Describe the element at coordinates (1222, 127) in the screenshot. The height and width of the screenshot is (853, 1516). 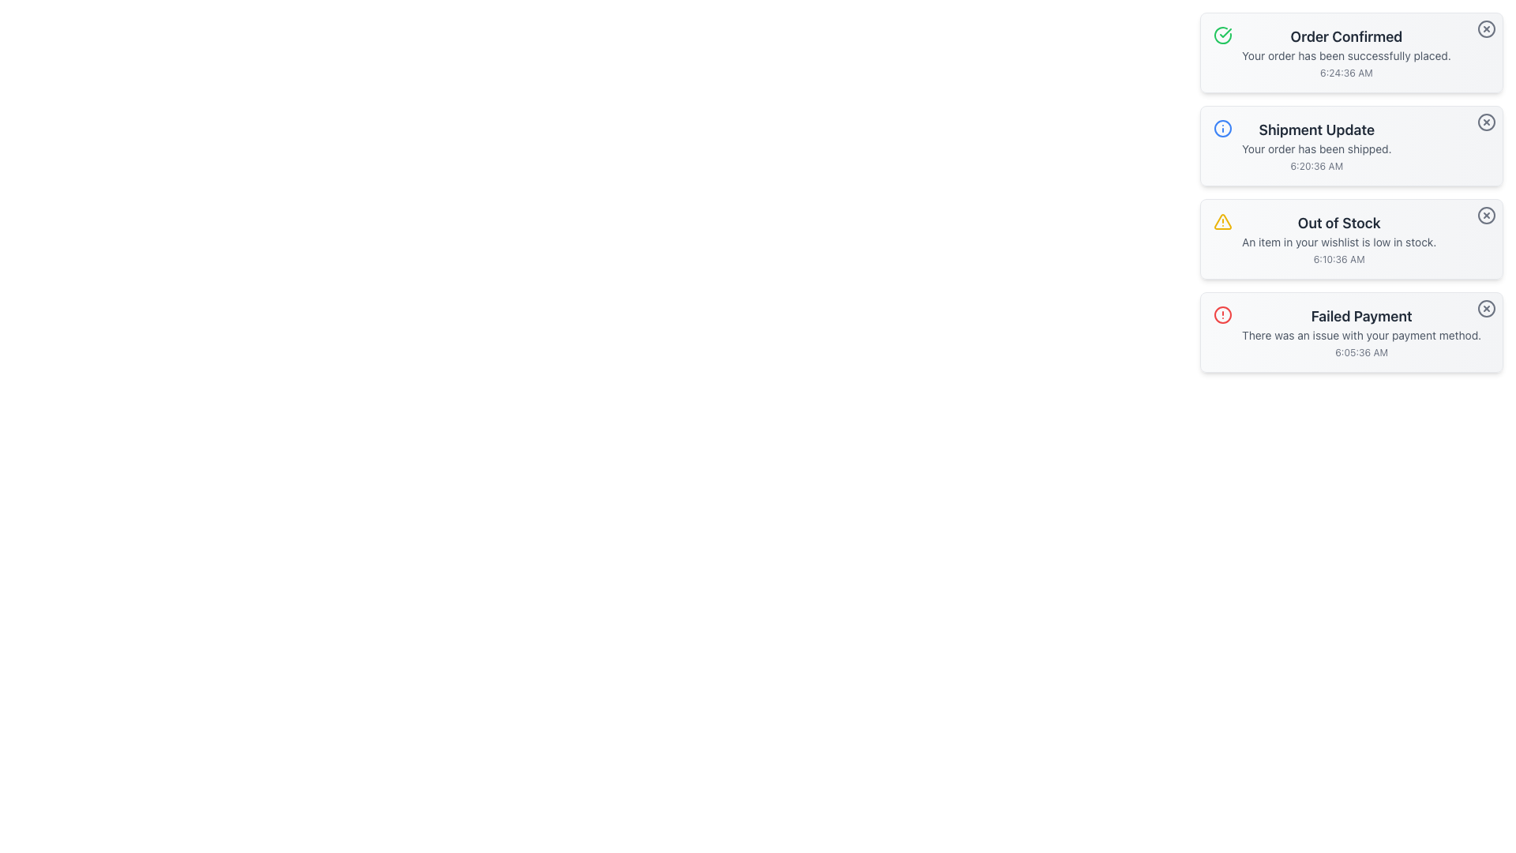
I see `the decorative SVG circle element that enhances the 'Shipment Update' notification icon` at that location.